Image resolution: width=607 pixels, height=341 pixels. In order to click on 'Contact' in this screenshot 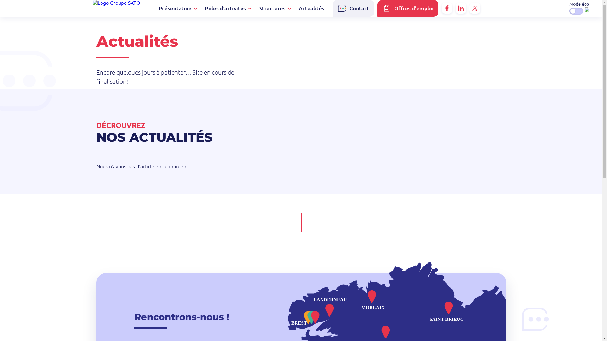, I will do `click(353, 8)`.